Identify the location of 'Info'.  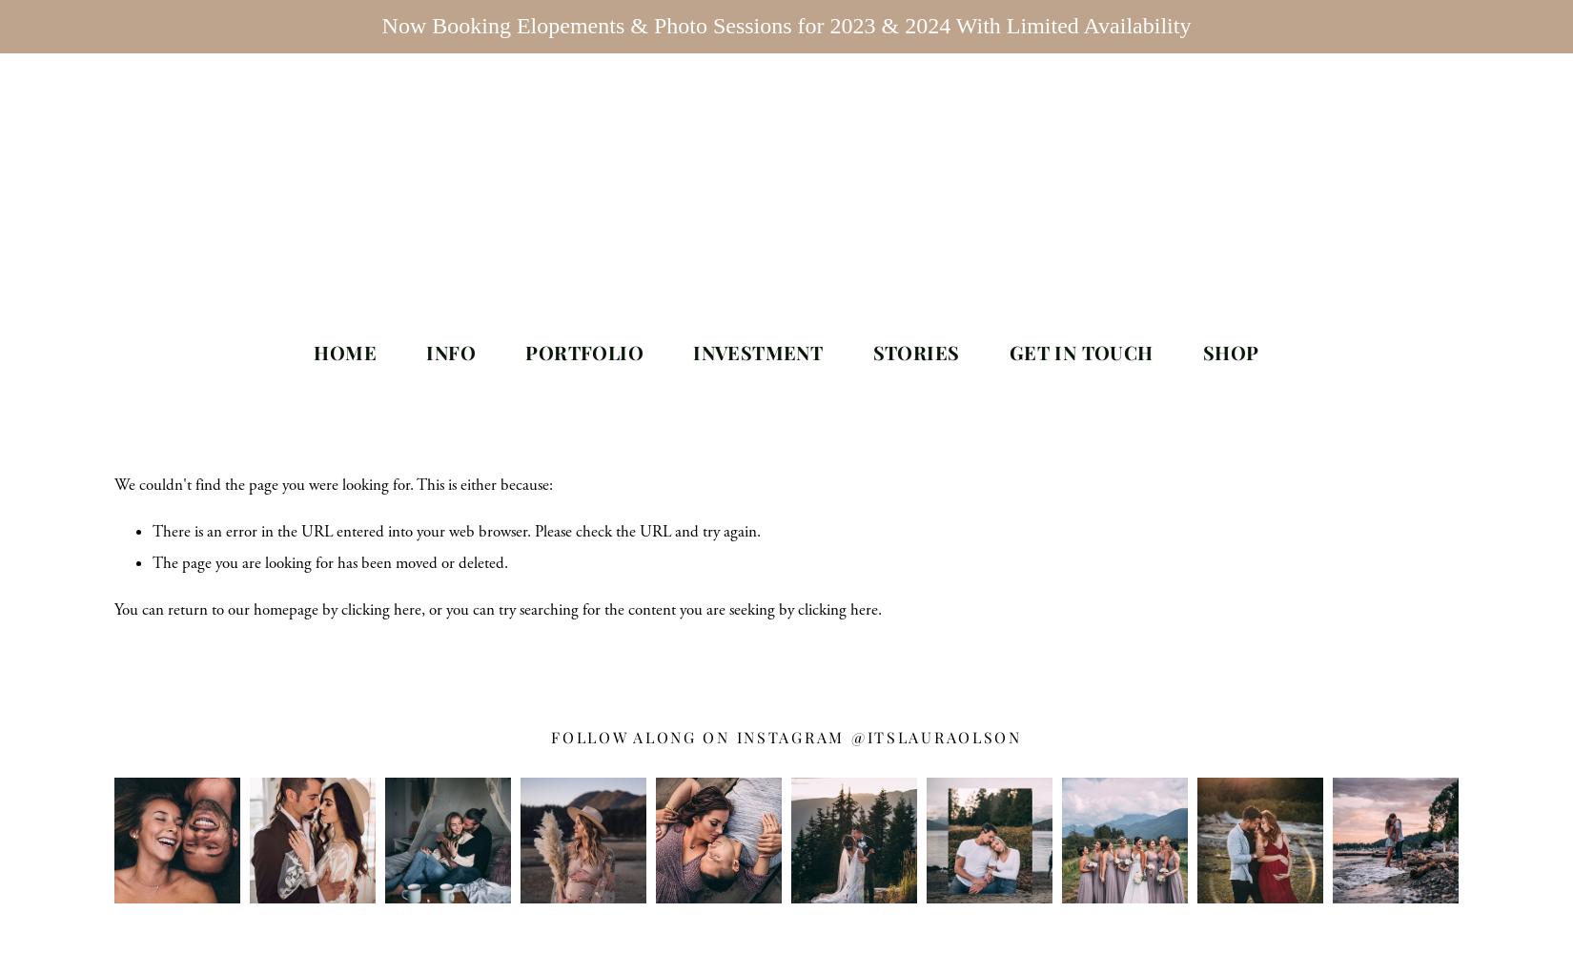
(449, 351).